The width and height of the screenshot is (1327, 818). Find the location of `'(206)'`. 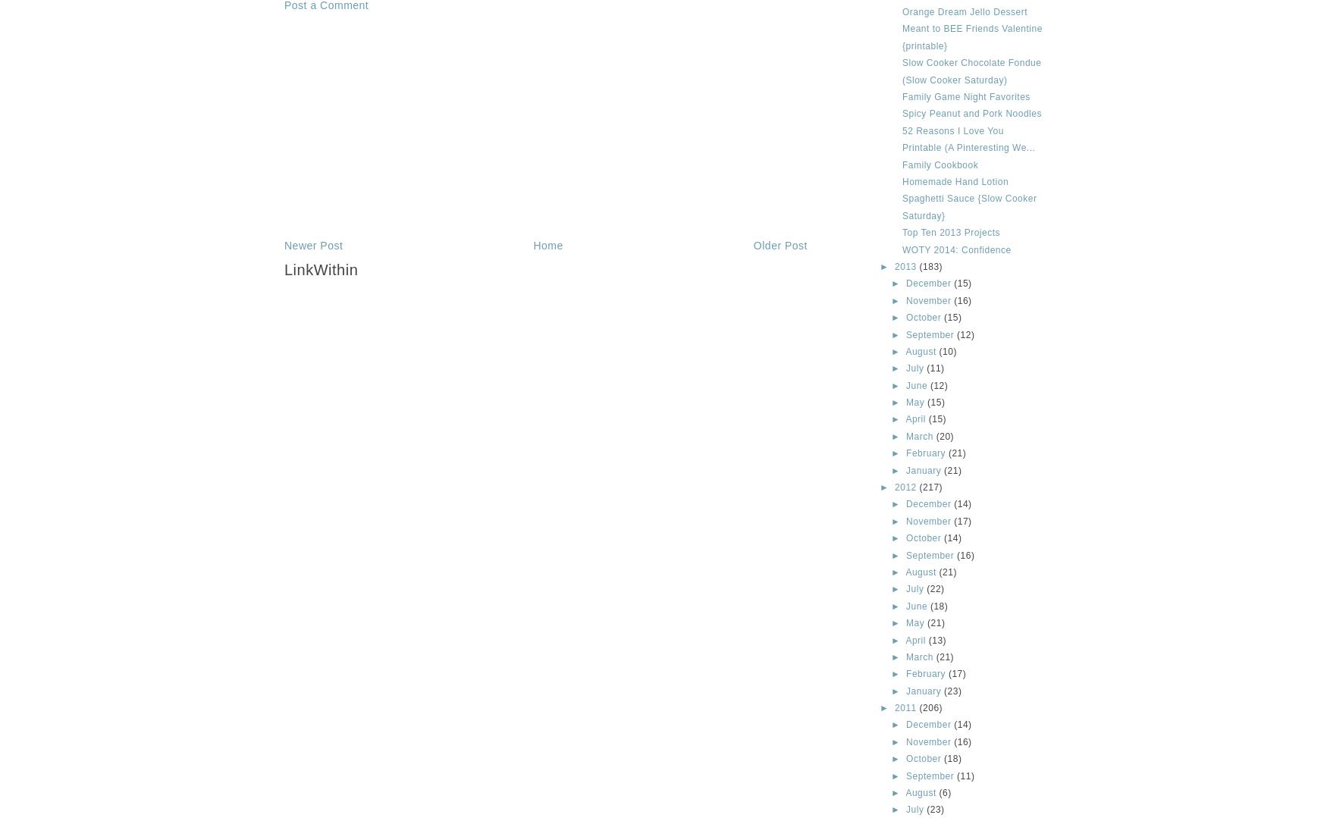

'(206)' is located at coordinates (930, 707).